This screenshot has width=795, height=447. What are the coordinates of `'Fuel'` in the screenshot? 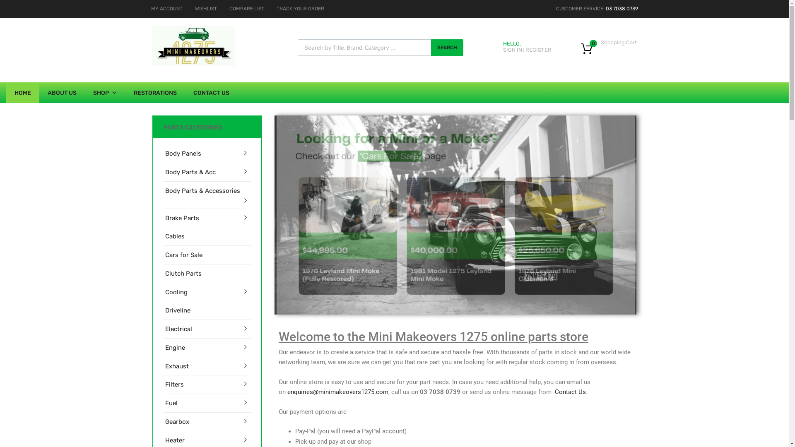 It's located at (170, 403).